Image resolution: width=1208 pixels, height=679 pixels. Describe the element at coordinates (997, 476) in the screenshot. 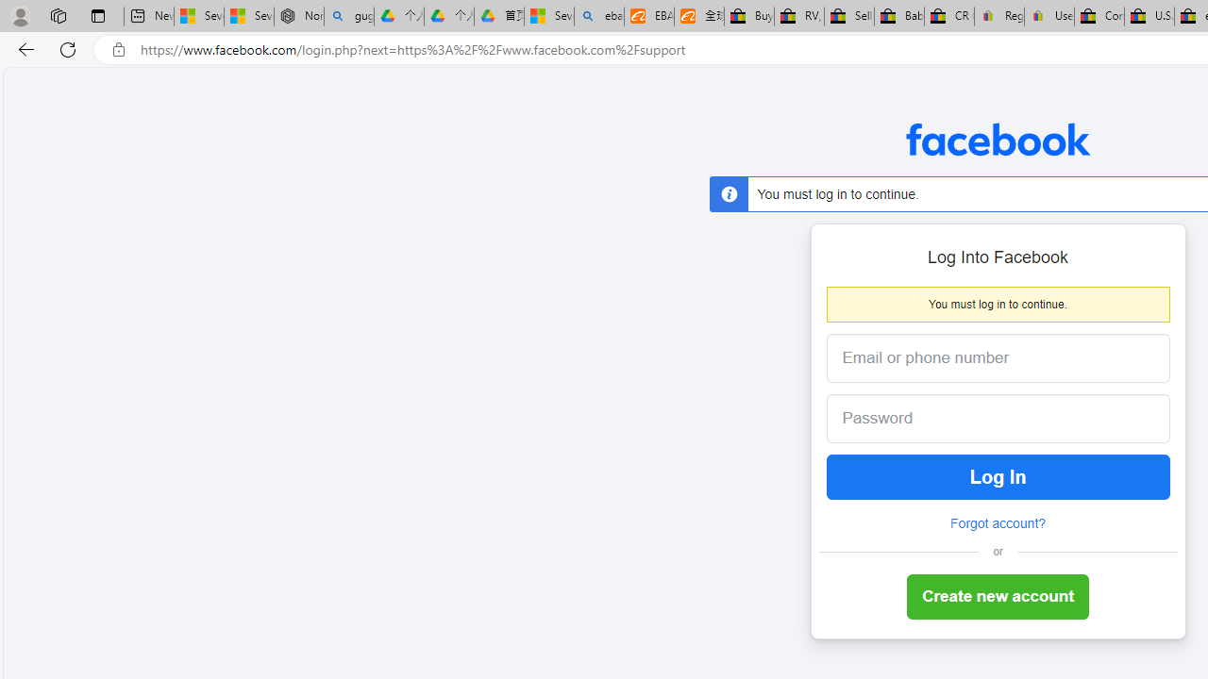

I see `'Log In'` at that location.